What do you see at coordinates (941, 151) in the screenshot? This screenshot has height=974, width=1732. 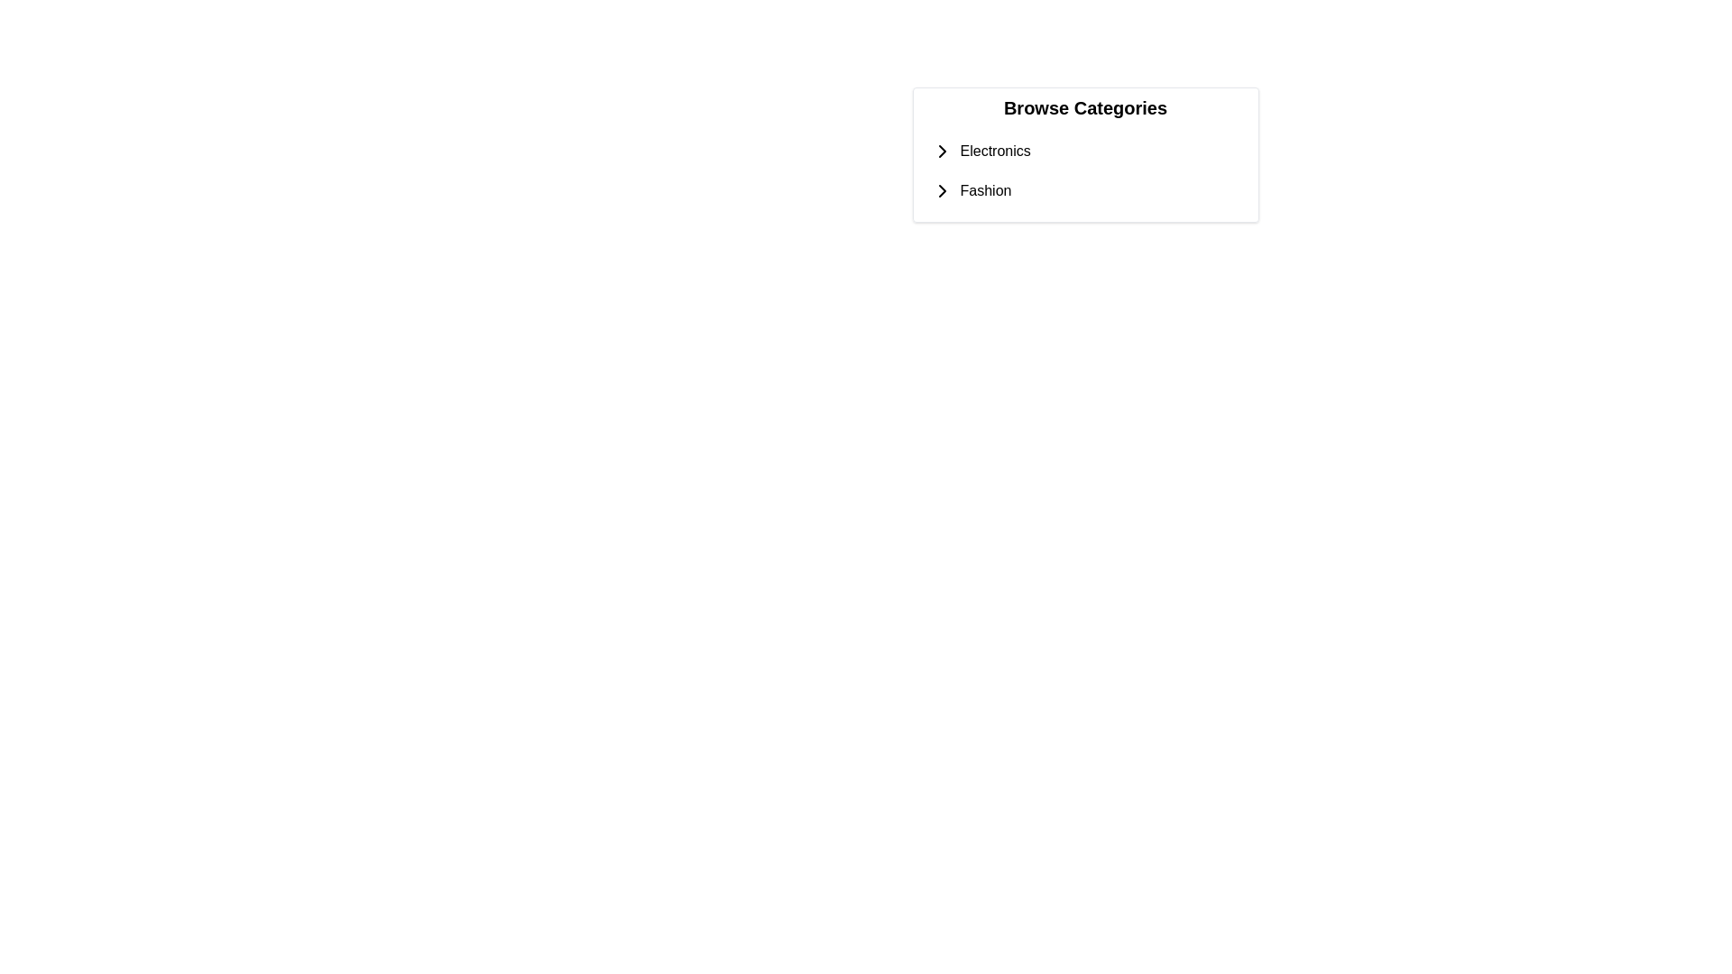 I see `the icon located to the left of the 'Electronics' label` at bounding box center [941, 151].